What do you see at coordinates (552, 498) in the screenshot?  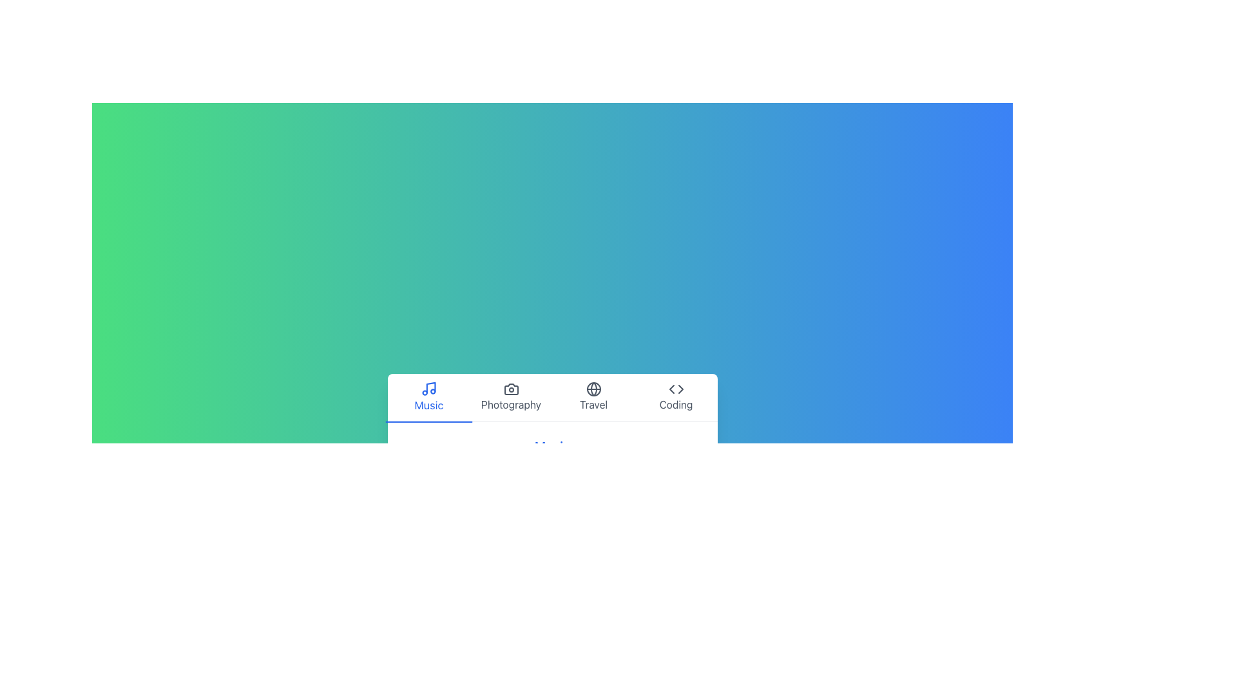 I see `the button located at the bottom of the 'Music' section, which encourages users to learn more about the content related to music` at bounding box center [552, 498].